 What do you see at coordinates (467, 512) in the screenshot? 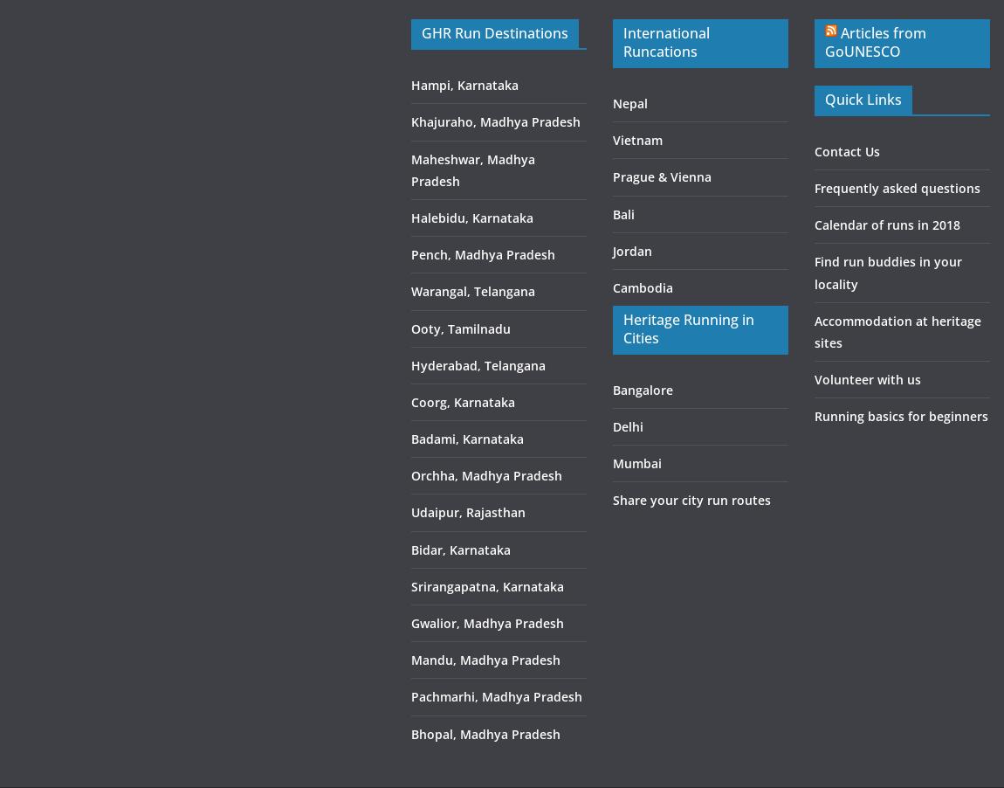
I see `'Udaipur, Rajasthan'` at bounding box center [467, 512].